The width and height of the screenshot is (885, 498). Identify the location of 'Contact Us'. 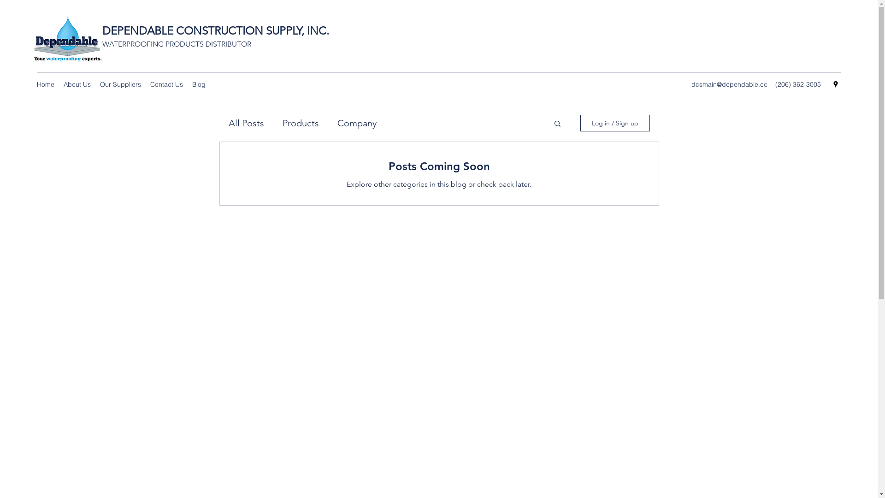
(166, 84).